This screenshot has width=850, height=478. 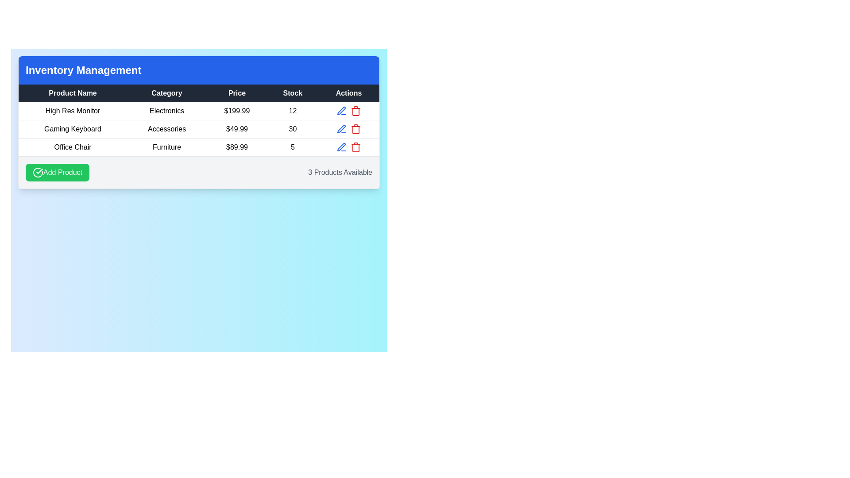 I want to click on the static text label 'Category' located in the dark blue header bar, which is the second label in the header row of a data table, so click(x=167, y=93).